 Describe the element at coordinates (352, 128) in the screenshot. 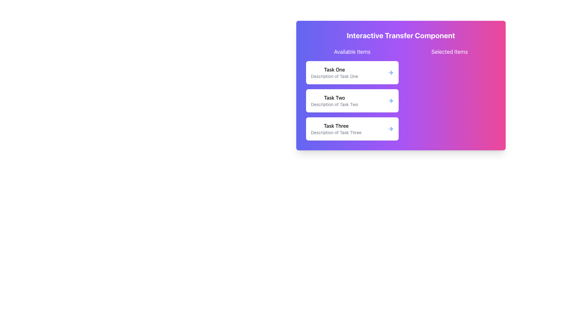

I see `the task card labeled 'Task Three' with a white background and rounded corners` at that location.